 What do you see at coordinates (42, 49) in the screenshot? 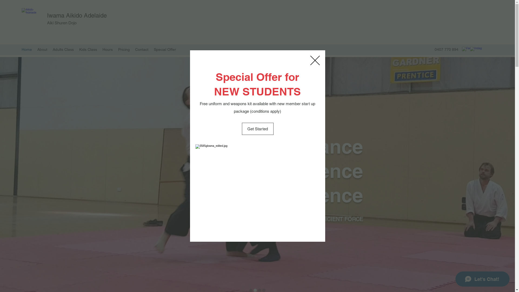
I see `'About'` at bounding box center [42, 49].